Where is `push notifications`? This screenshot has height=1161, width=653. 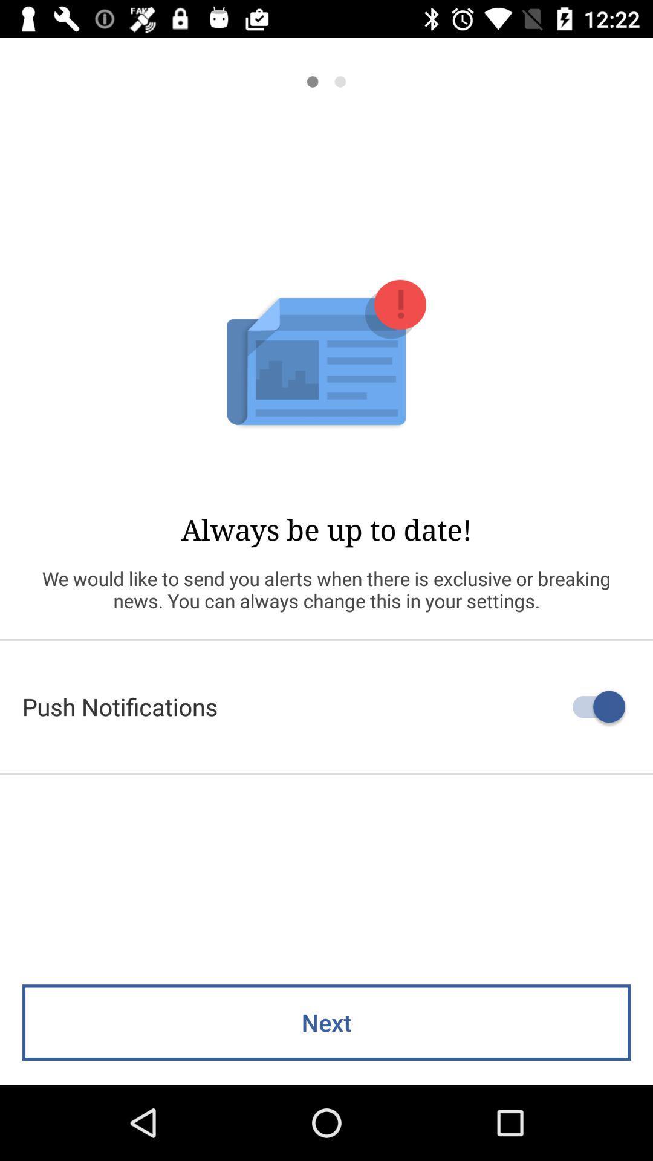 push notifications is located at coordinates (326, 706).